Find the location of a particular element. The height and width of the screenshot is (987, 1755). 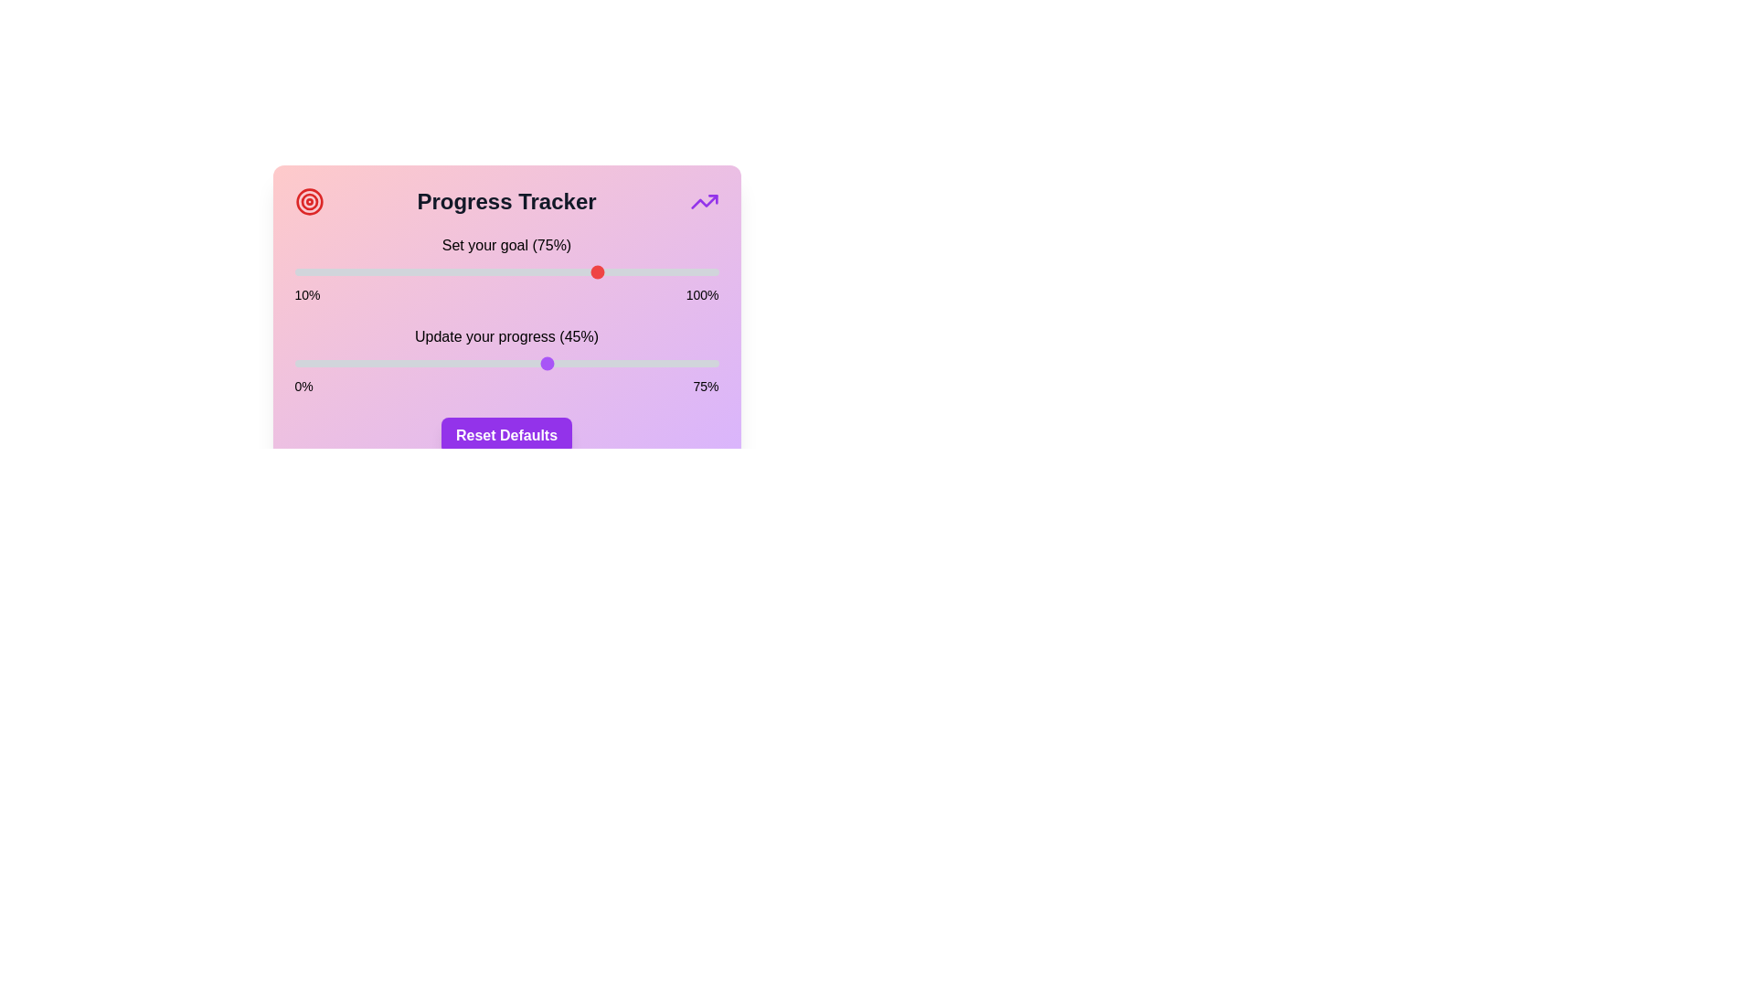

the 'Set your goal' slider to 89% is located at coordinates (665, 271).